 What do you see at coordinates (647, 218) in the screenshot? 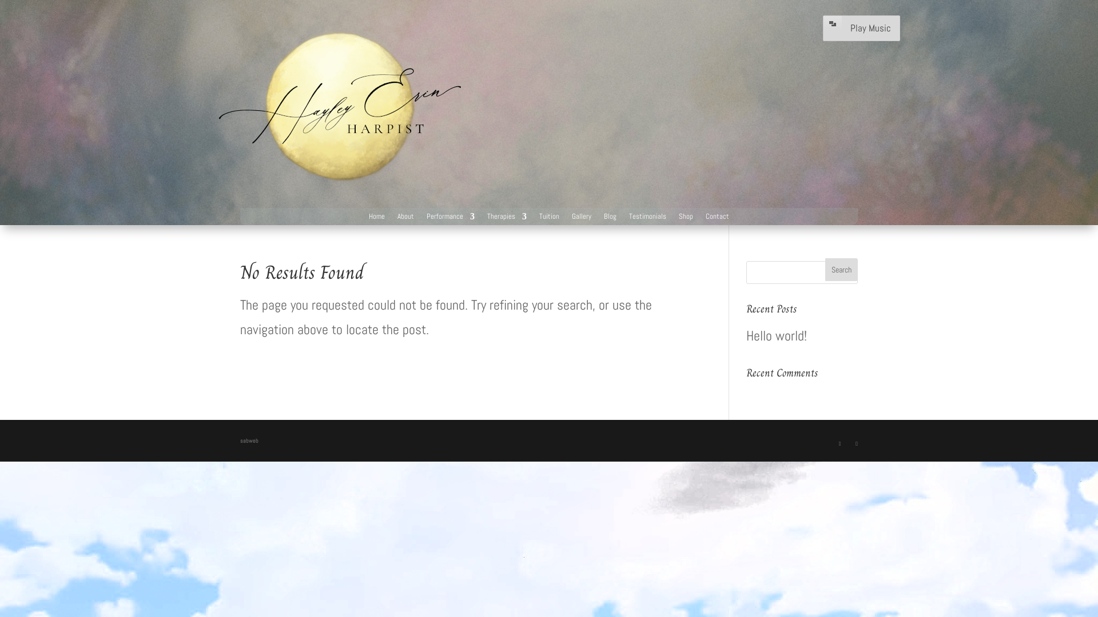
I see `'Testimonials'` at bounding box center [647, 218].